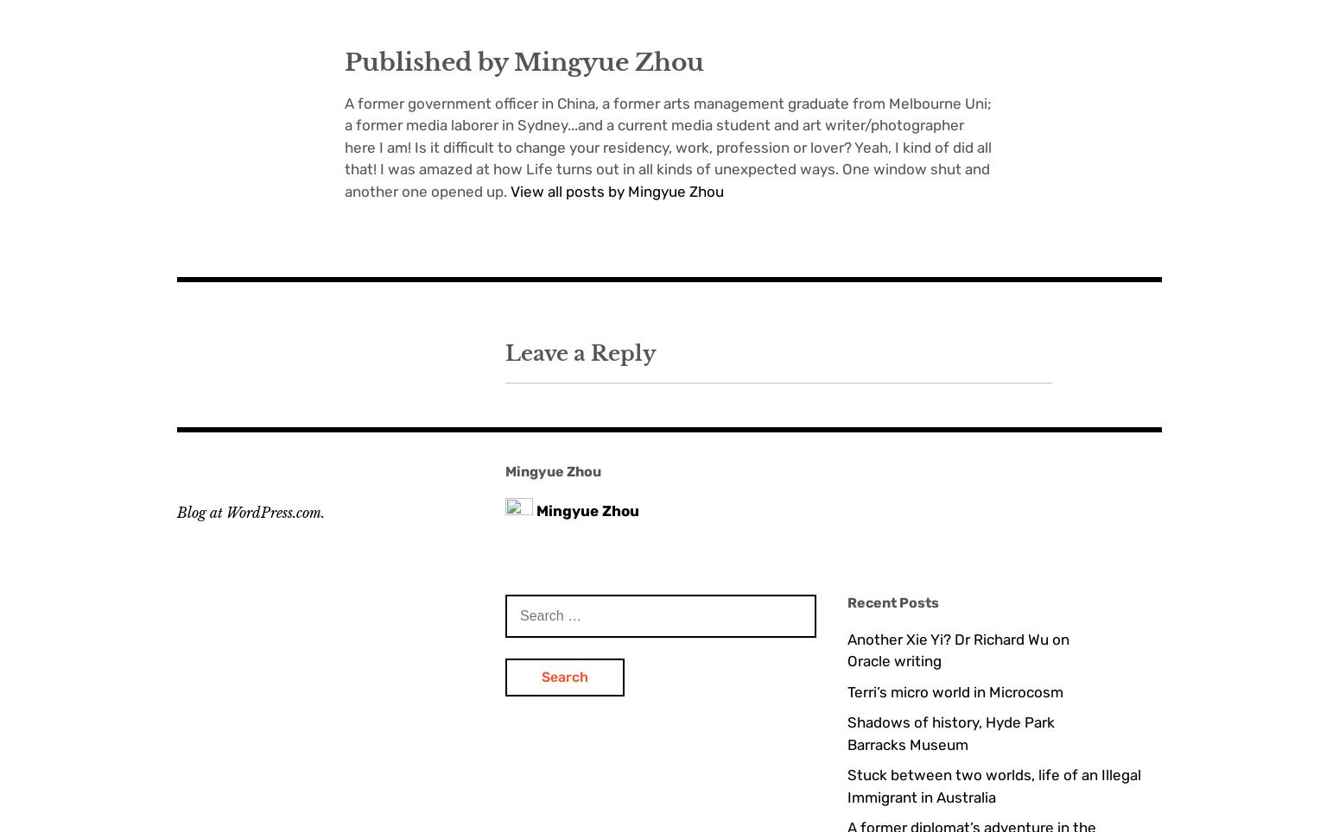 This screenshot has height=832, width=1339. Describe the element at coordinates (954, 690) in the screenshot. I see `'Terri’s micro world in Microcosm'` at that location.